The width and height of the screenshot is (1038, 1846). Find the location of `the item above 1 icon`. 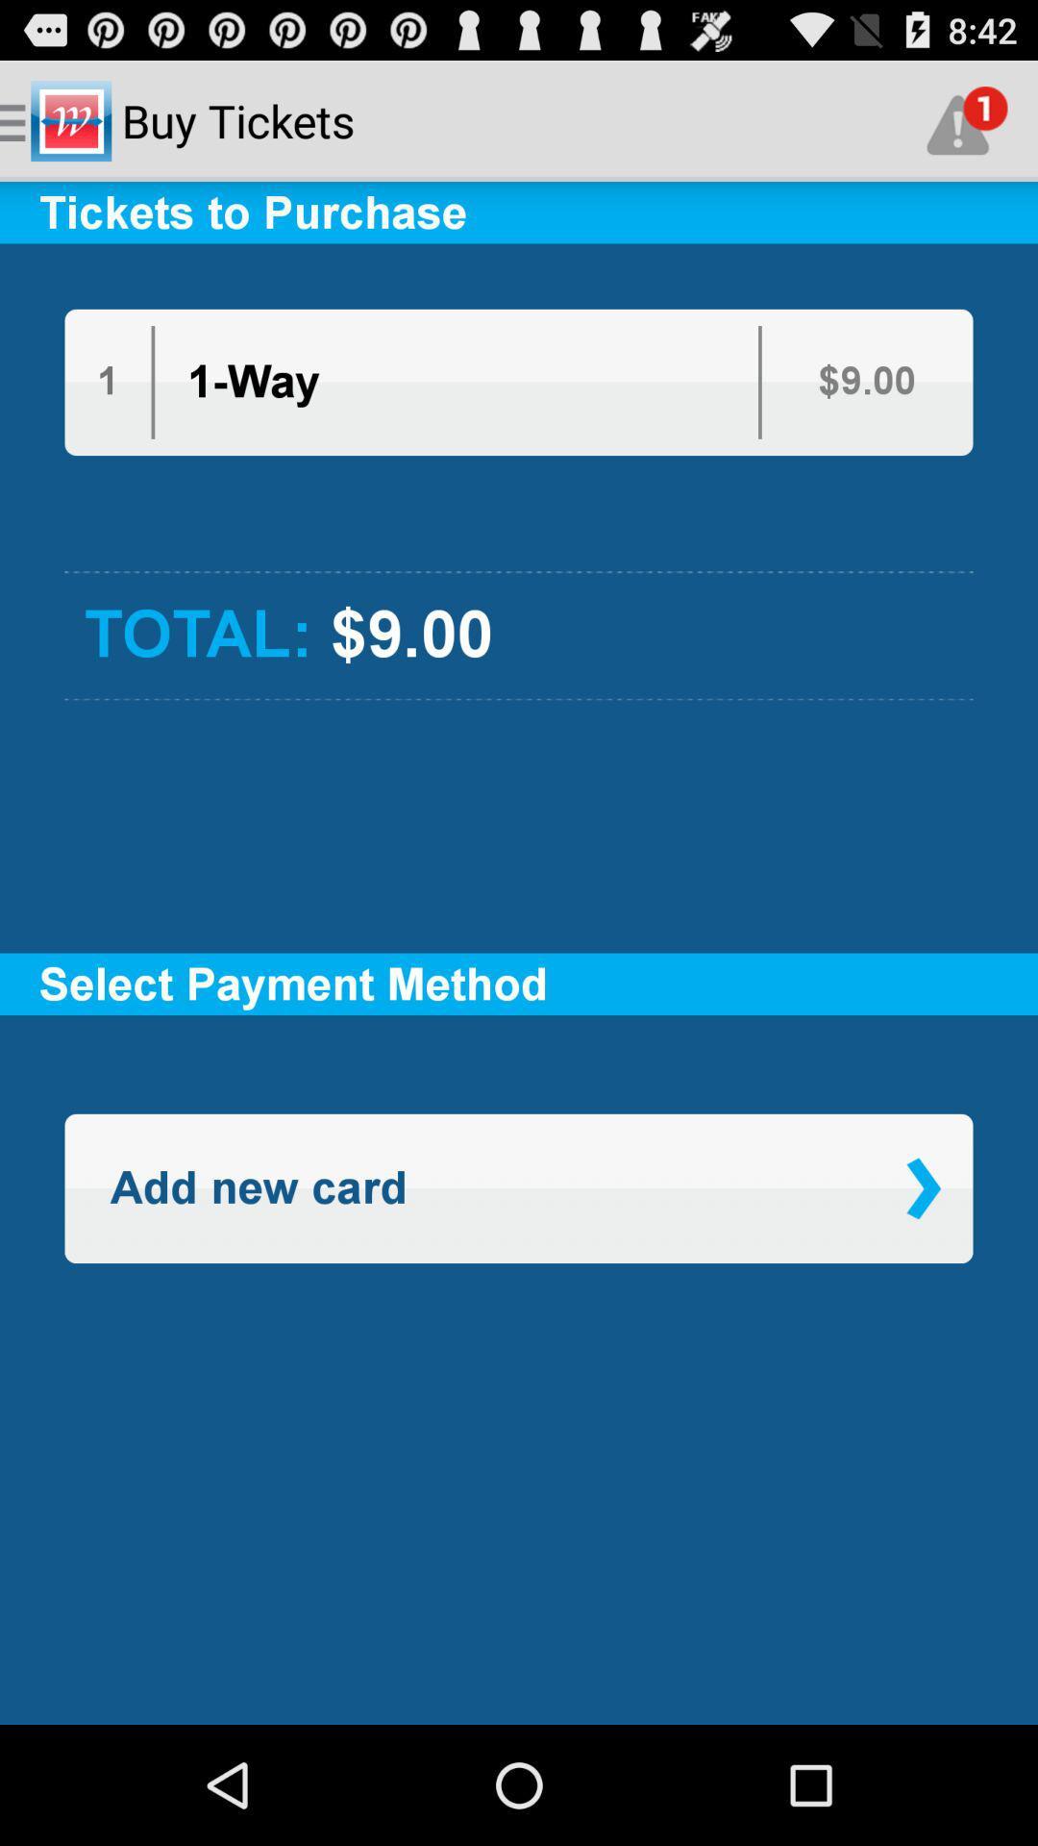

the item above 1 icon is located at coordinates (519, 275).